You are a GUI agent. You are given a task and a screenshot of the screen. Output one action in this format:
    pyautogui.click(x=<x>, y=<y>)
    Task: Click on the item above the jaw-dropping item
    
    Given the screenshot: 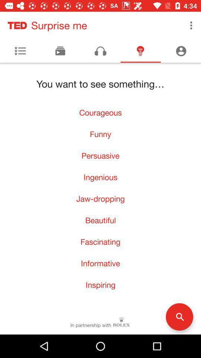 What is the action you would take?
    pyautogui.click(x=100, y=177)
    